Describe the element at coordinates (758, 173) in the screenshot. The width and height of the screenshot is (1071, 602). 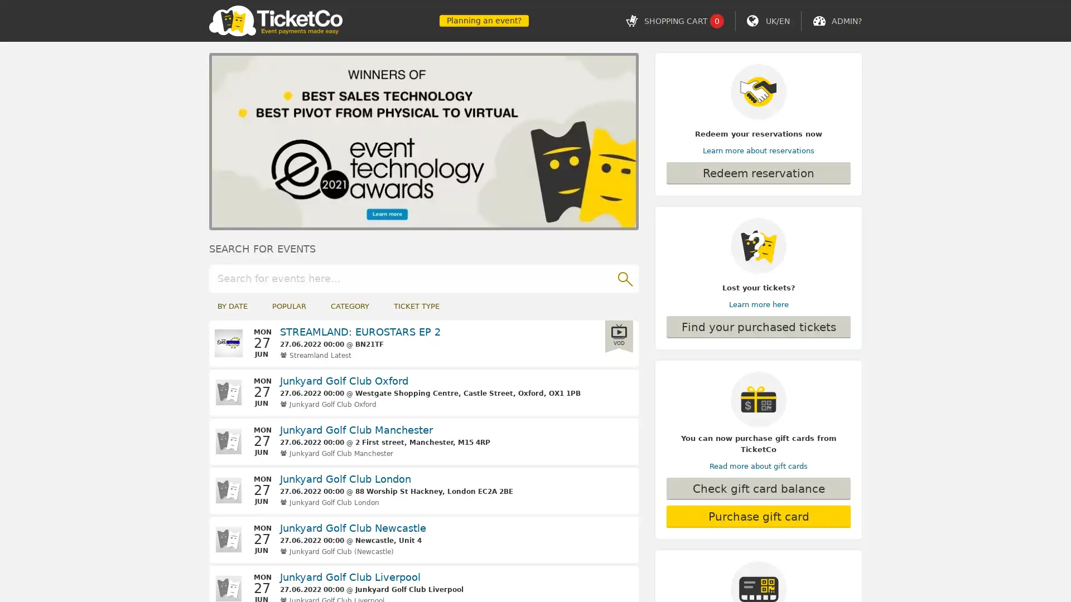
I see `Redeem reservation` at that location.